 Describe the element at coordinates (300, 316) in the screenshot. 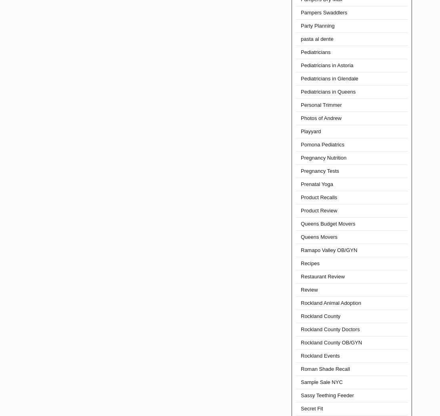

I see `'Rockland County'` at that location.